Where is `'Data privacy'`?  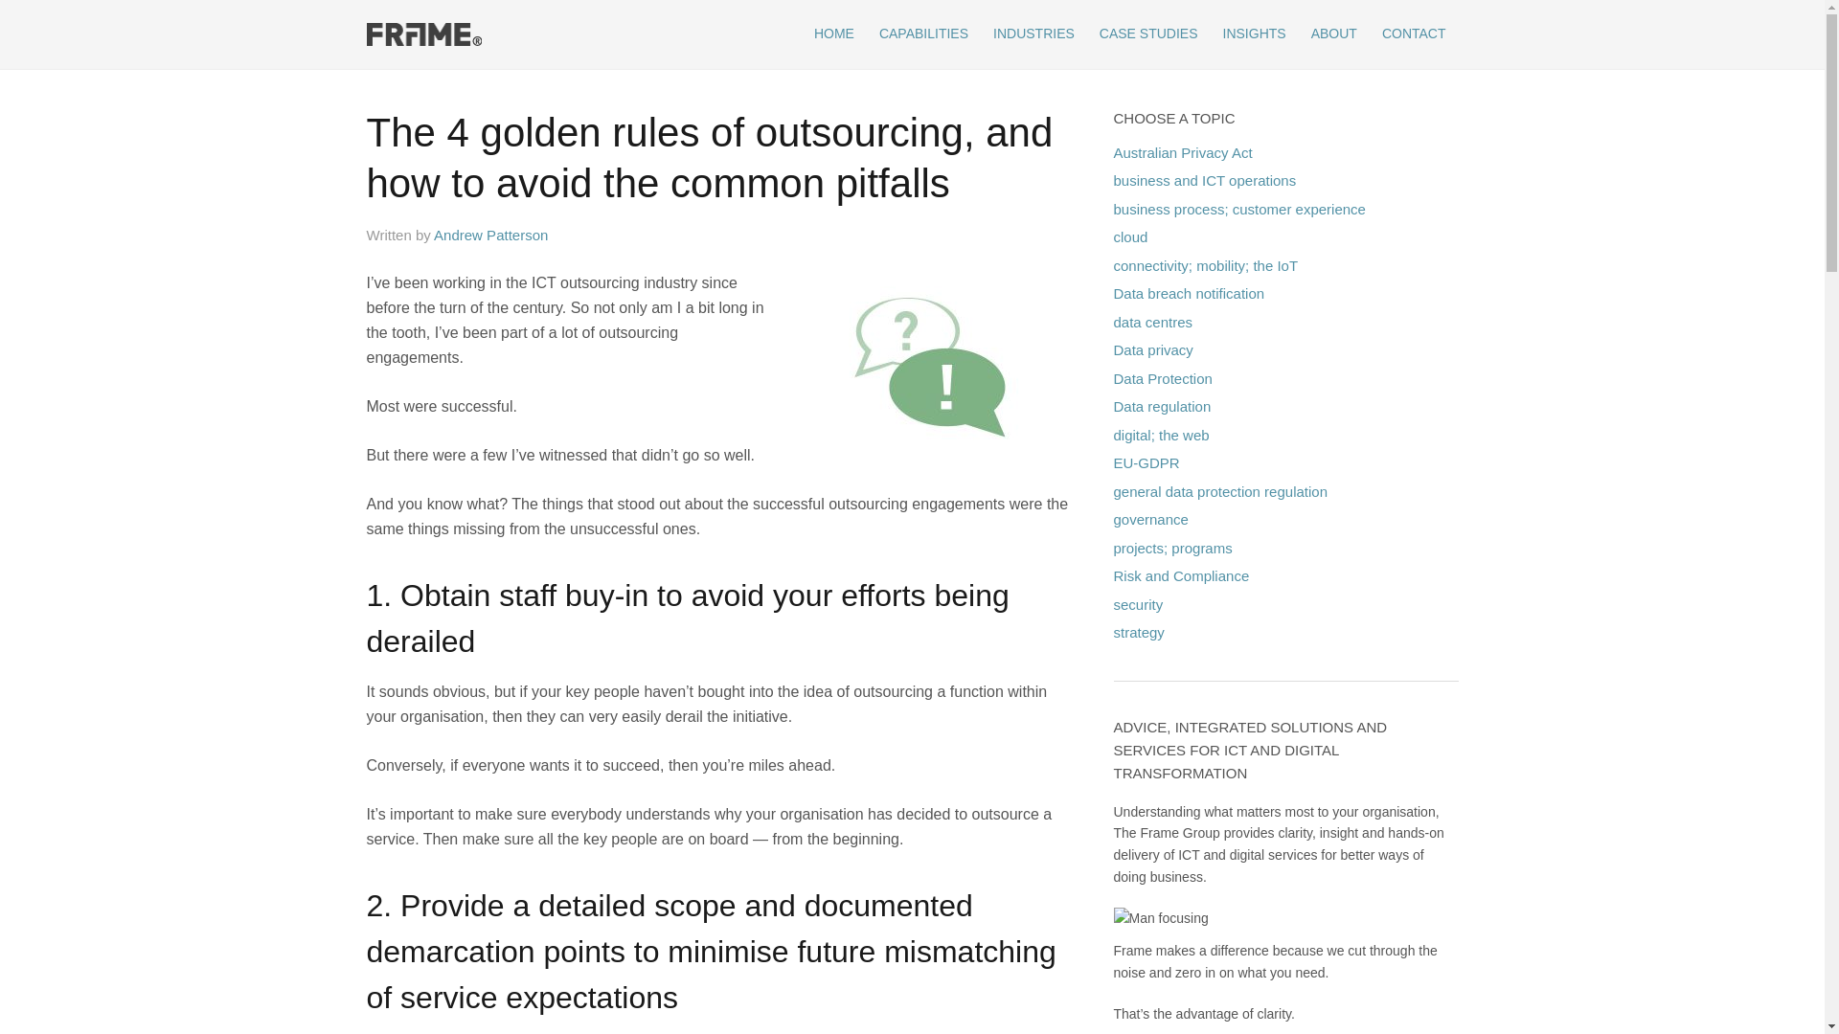
'Data privacy' is located at coordinates (1151, 349).